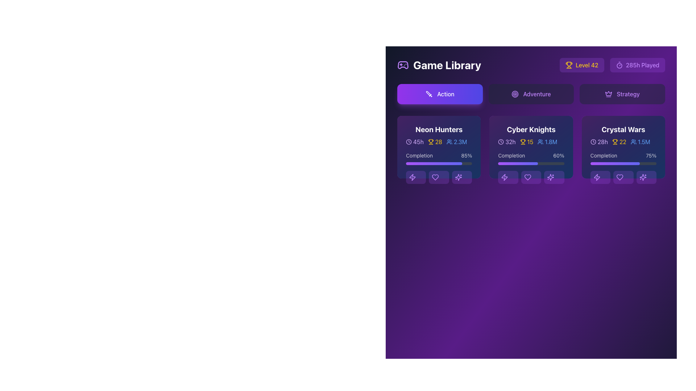  I want to click on text on the Informational Button with a purple background and yellow trophy icon that displays 'Level 42', so click(581, 65).